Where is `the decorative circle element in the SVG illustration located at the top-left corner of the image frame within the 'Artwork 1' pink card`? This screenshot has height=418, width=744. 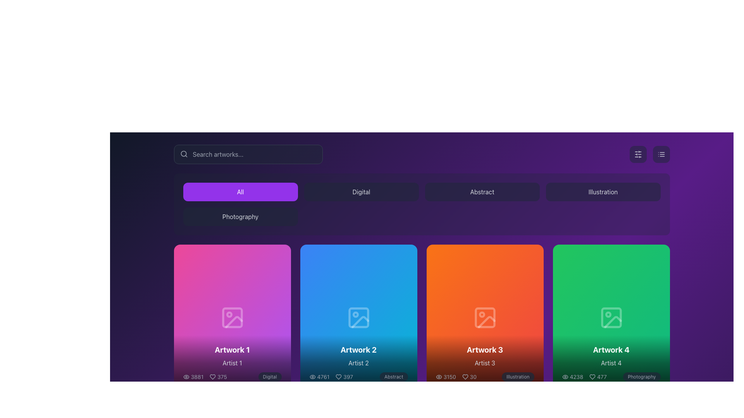 the decorative circle element in the SVG illustration located at the top-left corner of the image frame within the 'Artwork 1' pink card is located at coordinates (229, 314).